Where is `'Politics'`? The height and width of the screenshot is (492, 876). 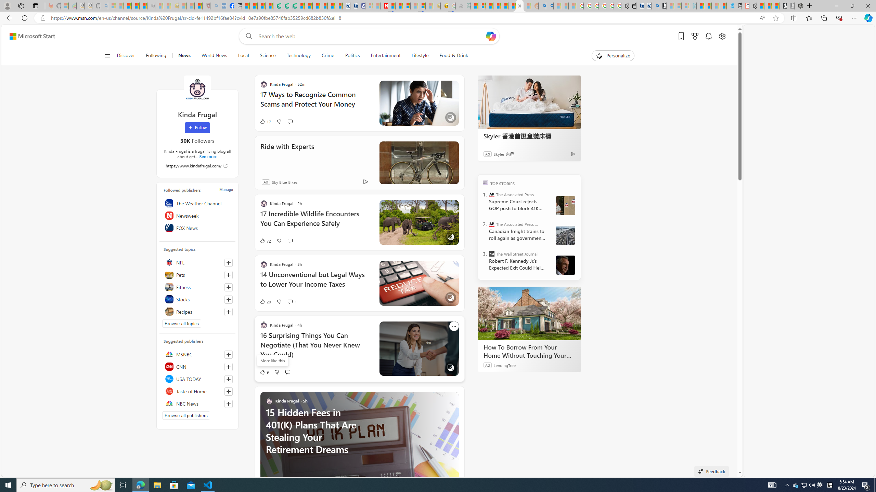
'Politics' is located at coordinates (352, 55).